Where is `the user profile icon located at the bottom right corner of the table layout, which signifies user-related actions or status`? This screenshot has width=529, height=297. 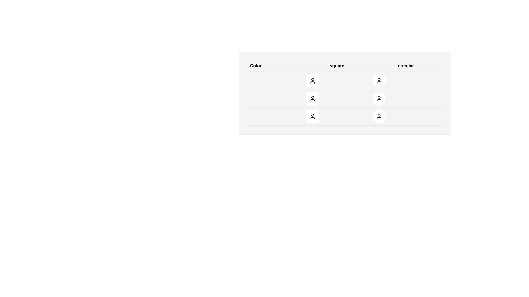 the user profile icon located at the bottom right corner of the table layout, which signifies user-related actions or status is located at coordinates (379, 116).